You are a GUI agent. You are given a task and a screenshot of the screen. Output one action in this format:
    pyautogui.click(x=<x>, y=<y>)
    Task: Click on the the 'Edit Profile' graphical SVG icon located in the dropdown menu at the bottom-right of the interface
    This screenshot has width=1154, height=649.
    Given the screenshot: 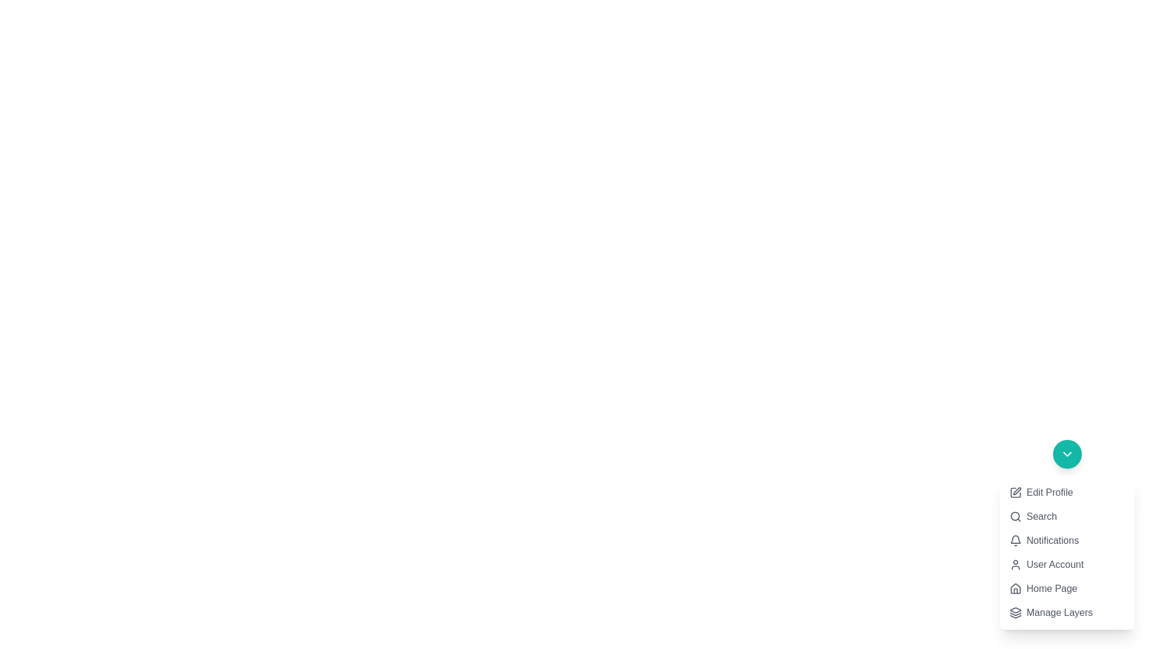 What is the action you would take?
    pyautogui.click(x=1015, y=493)
    